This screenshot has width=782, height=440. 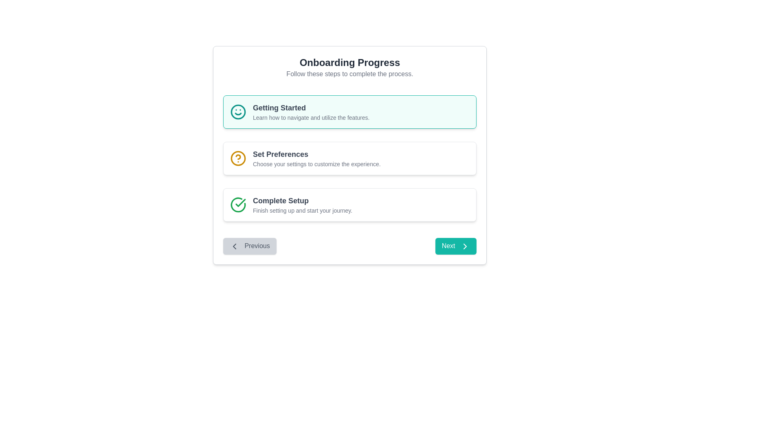 I want to click on the circular component of the SVG icon representing a smiling face, which is part of the 'Getting Started' step in the onboarding interface, so click(x=238, y=112).